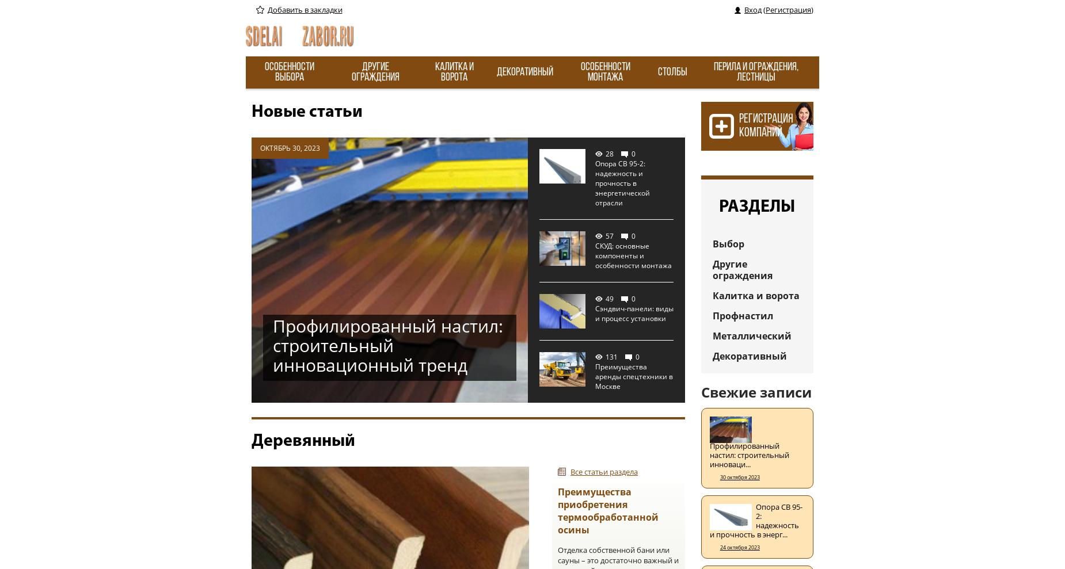  What do you see at coordinates (608, 236) in the screenshot?
I see `'57'` at bounding box center [608, 236].